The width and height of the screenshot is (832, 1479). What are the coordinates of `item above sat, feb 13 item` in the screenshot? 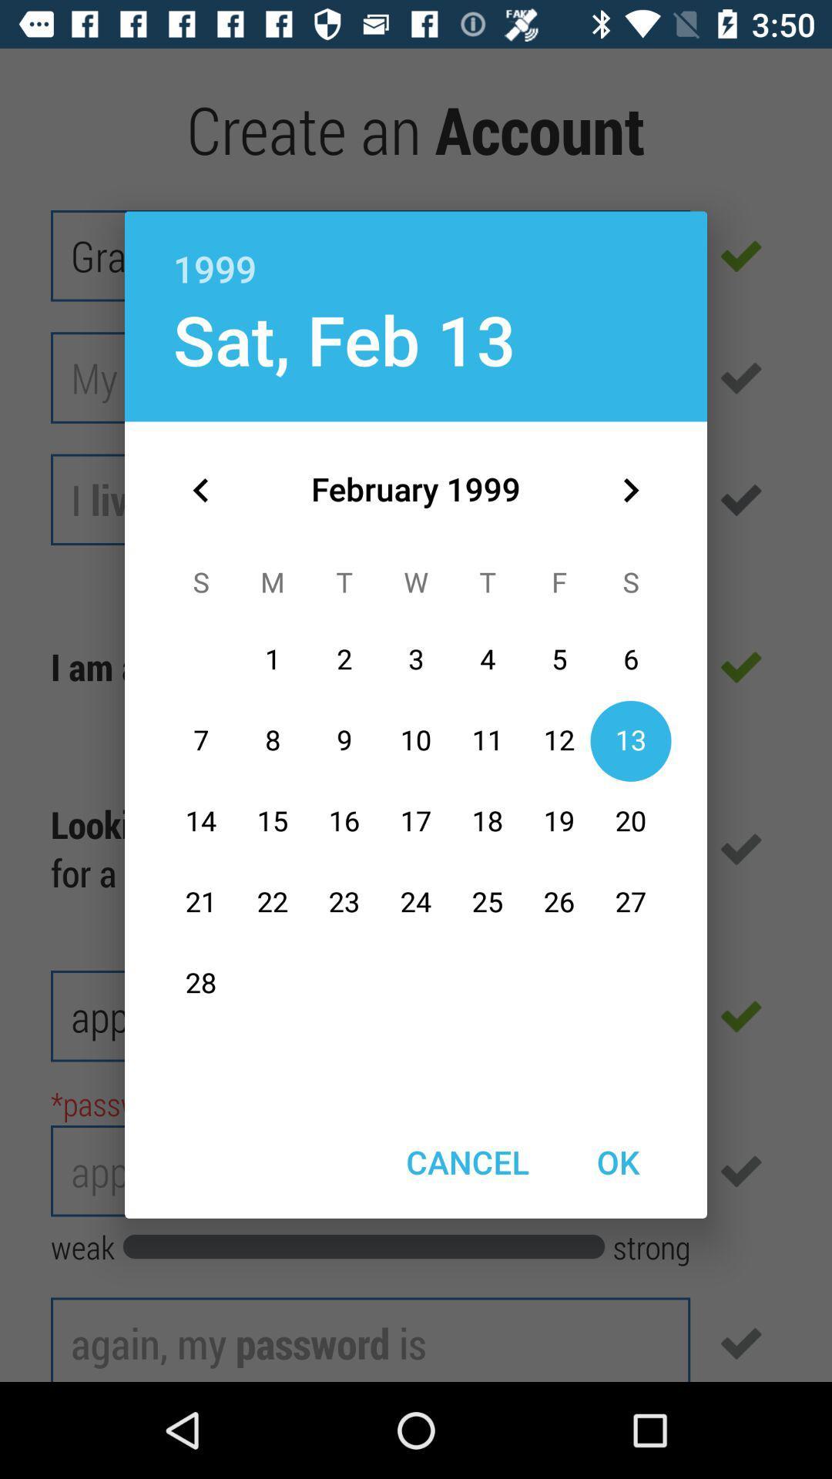 It's located at (416, 252).